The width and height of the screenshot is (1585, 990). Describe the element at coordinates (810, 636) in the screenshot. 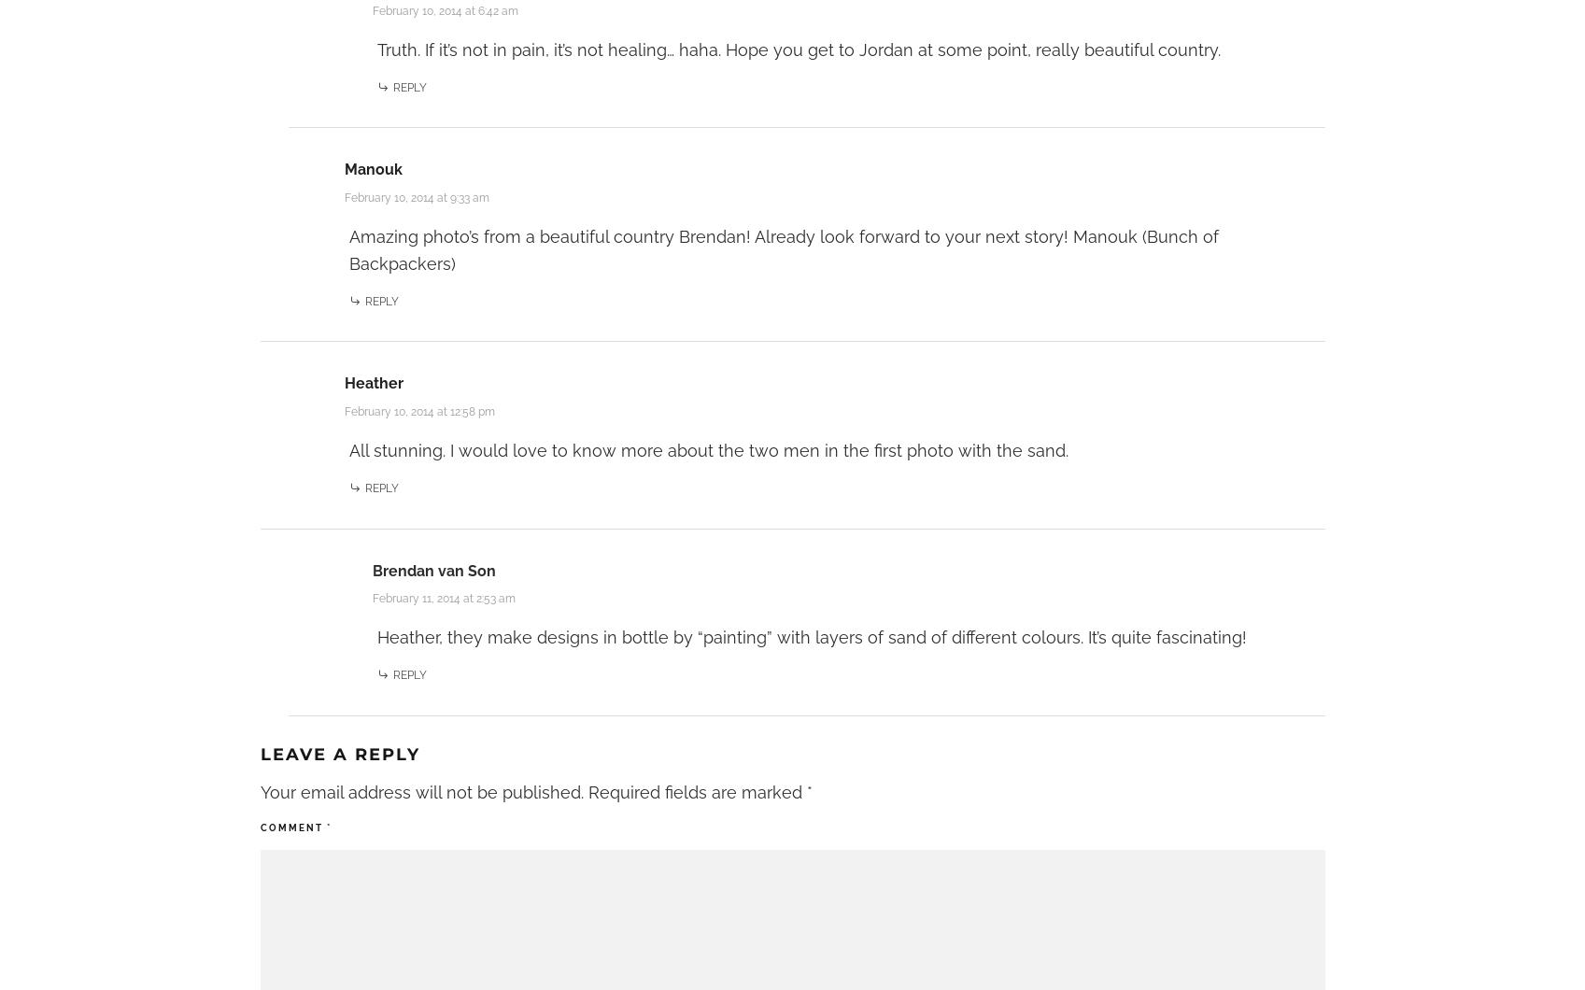

I see `'Heather, they make designs in bottle by “painting” with layers of sand of different colours.  It’s quite fascinating!'` at that location.